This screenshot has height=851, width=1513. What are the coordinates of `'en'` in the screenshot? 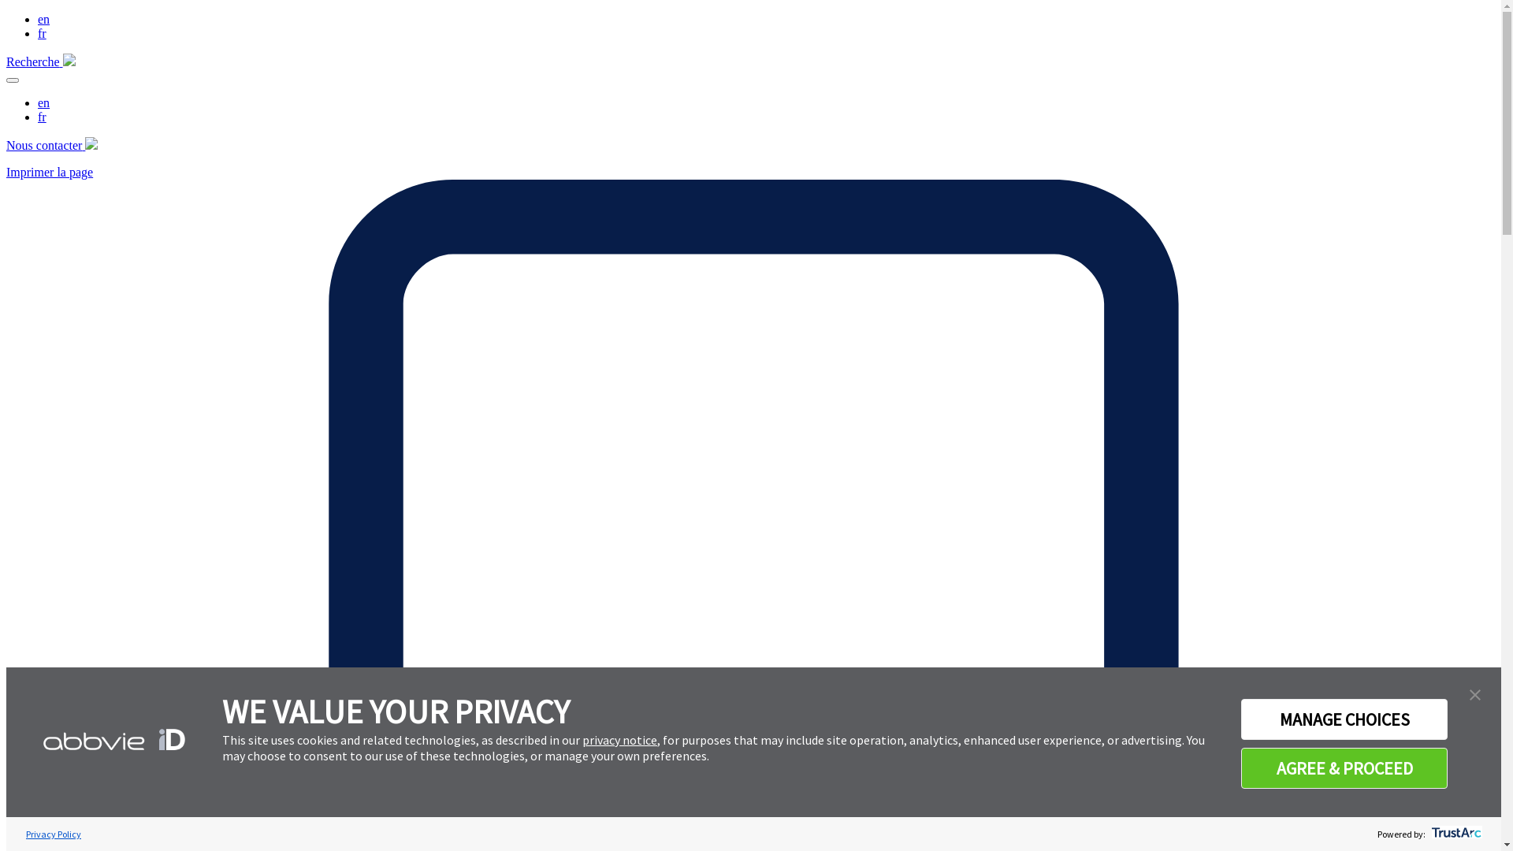 It's located at (38, 19).